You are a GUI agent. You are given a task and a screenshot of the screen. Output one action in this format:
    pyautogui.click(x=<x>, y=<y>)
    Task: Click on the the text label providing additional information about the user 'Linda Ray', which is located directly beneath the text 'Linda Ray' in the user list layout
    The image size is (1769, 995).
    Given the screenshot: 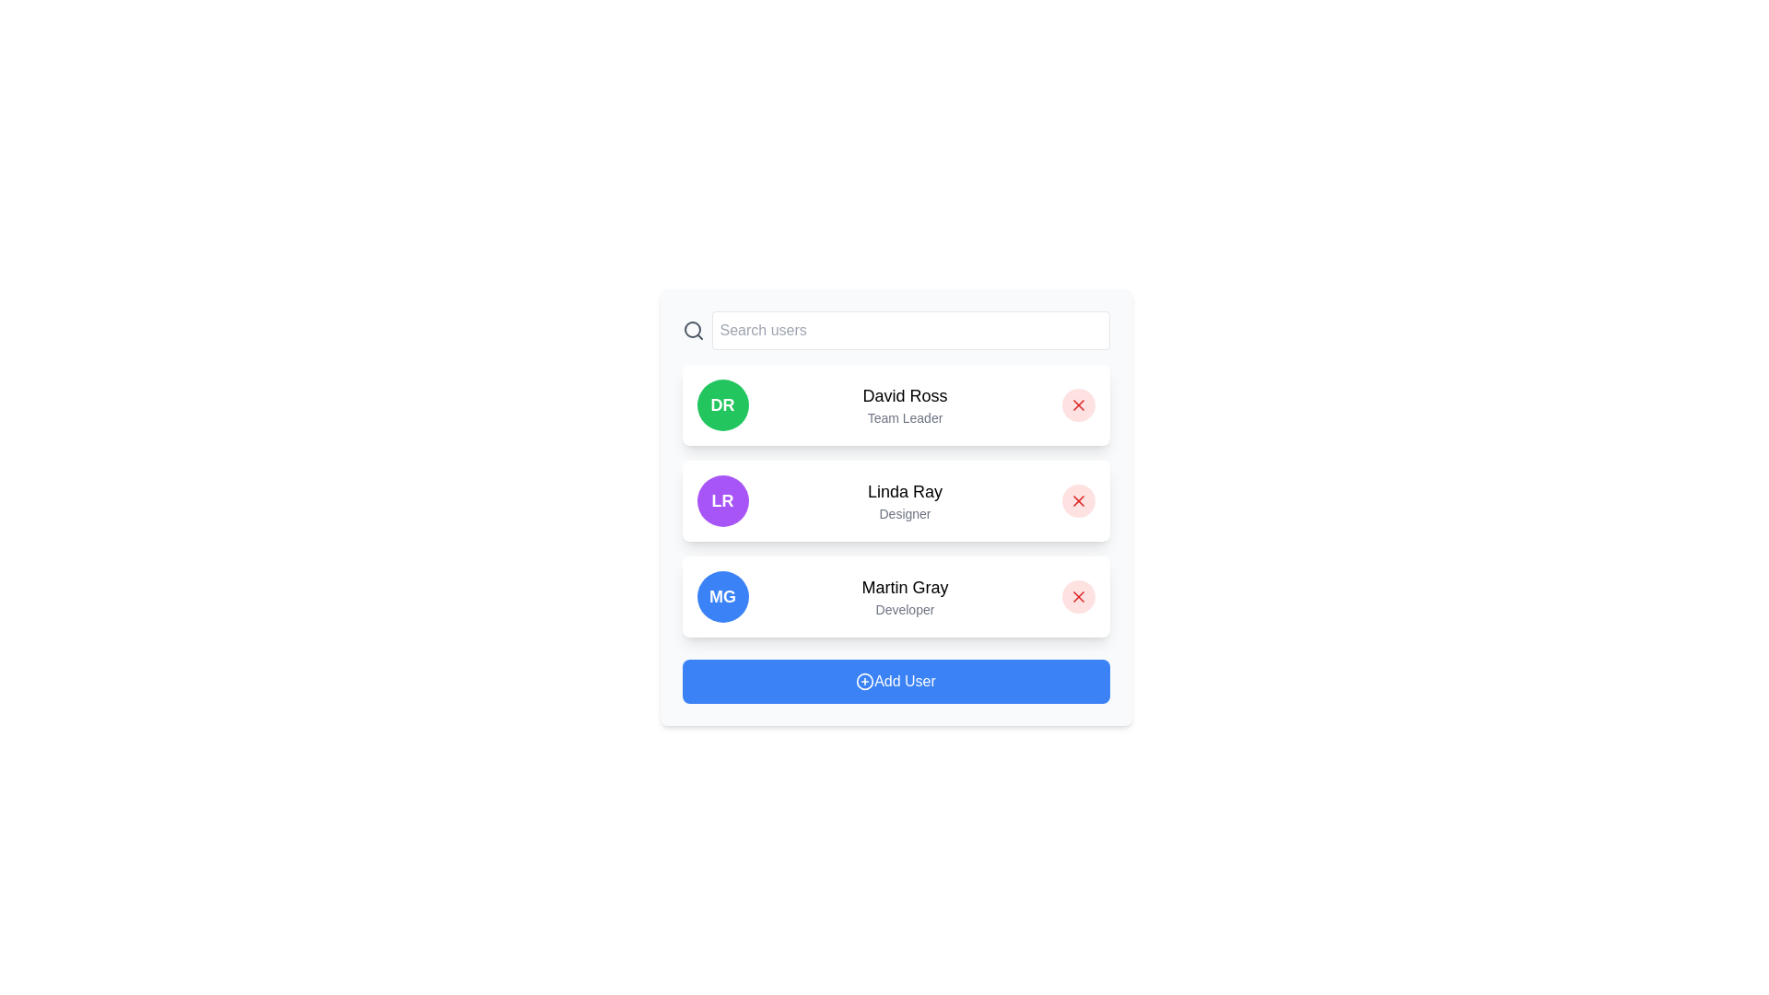 What is the action you would take?
    pyautogui.click(x=905, y=514)
    